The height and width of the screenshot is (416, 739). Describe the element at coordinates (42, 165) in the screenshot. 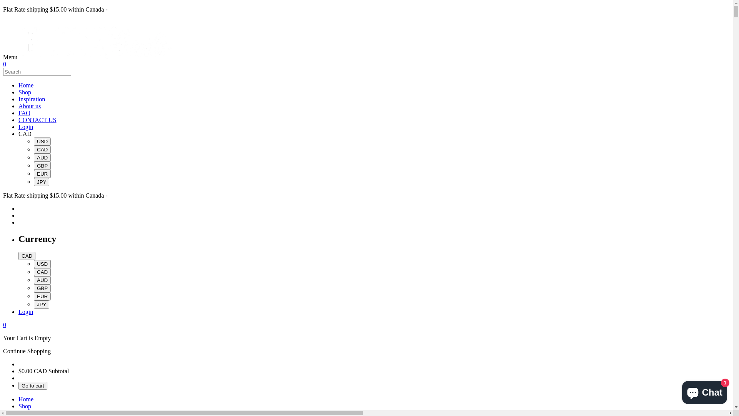

I see `'GBP'` at that location.